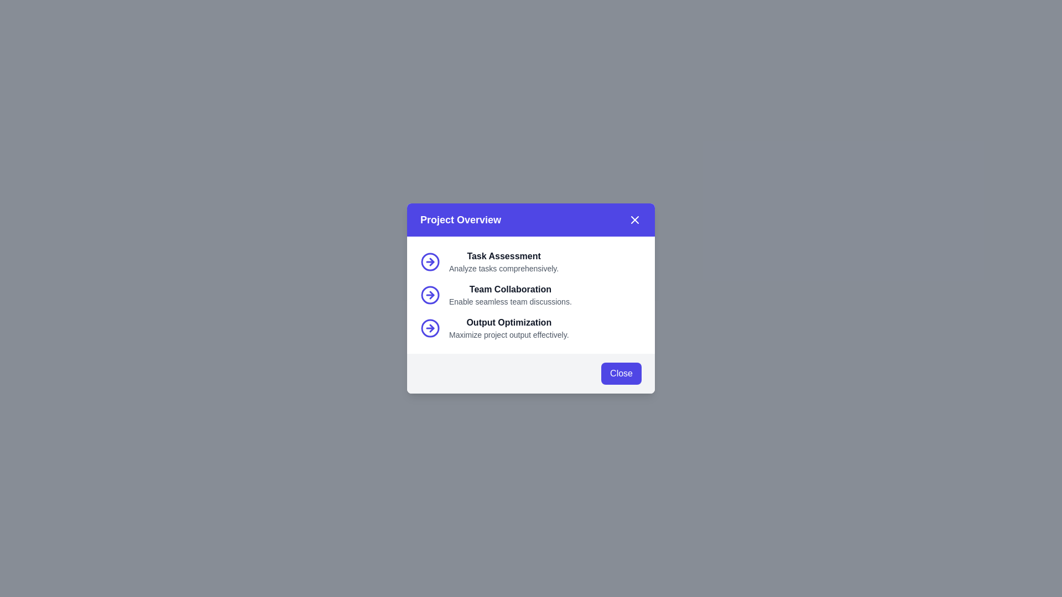 This screenshot has width=1062, height=597. Describe the element at coordinates (508, 322) in the screenshot. I see `the text label reading 'Output Optimization' which is part of the 'Project Overview' modal, positioned between 'Team Collaboration' and its descriptive text` at that location.